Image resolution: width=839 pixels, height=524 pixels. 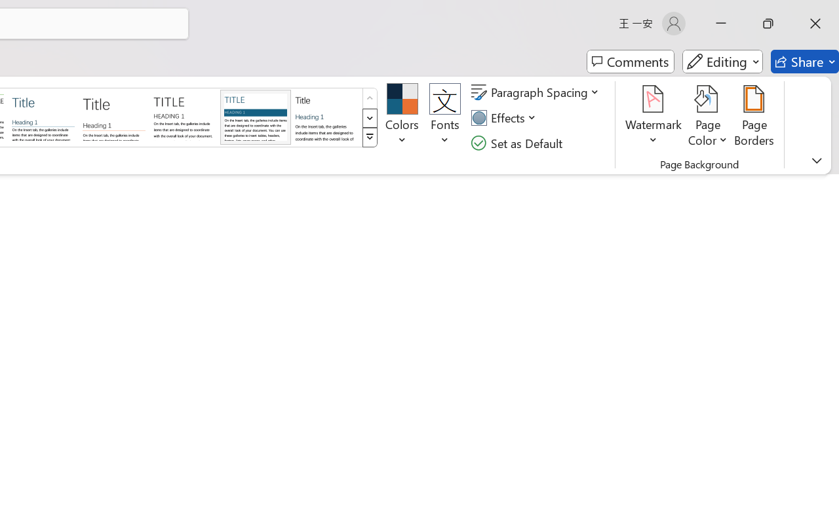 I want to click on 'Paragraph Spacing', so click(x=537, y=92).